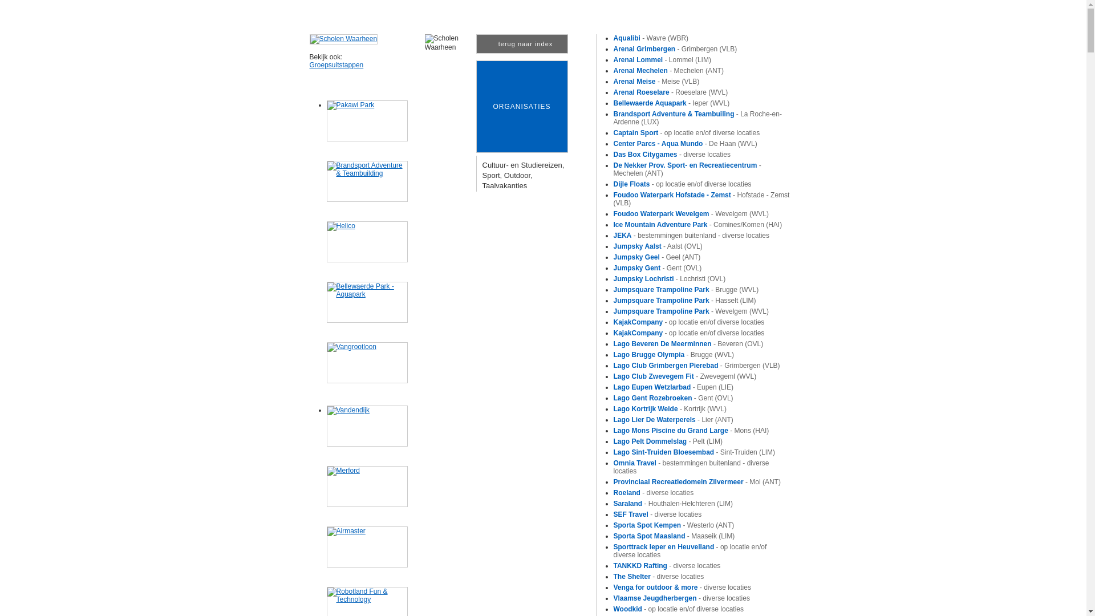 The image size is (1095, 616). What do you see at coordinates (684, 300) in the screenshot?
I see `'Jumpsquare Trampoline Park - Hasselt (LIM)'` at bounding box center [684, 300].